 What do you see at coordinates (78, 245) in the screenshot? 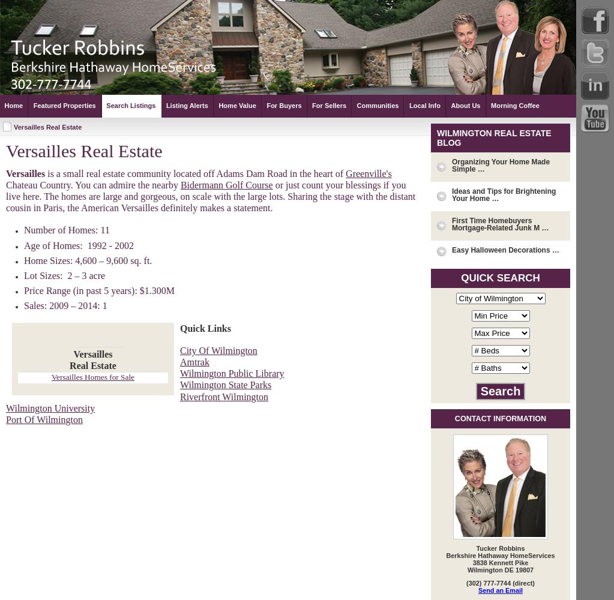
I see `'Age of Homes:  1992 - 2002'` at bounding box center [78, 245].